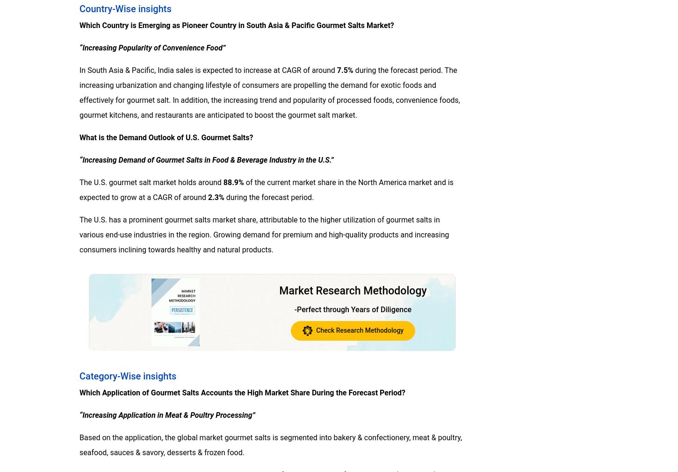 The width and height of the screenshot is (678, 472). I want to click on '2.3%', so click(215, 197).